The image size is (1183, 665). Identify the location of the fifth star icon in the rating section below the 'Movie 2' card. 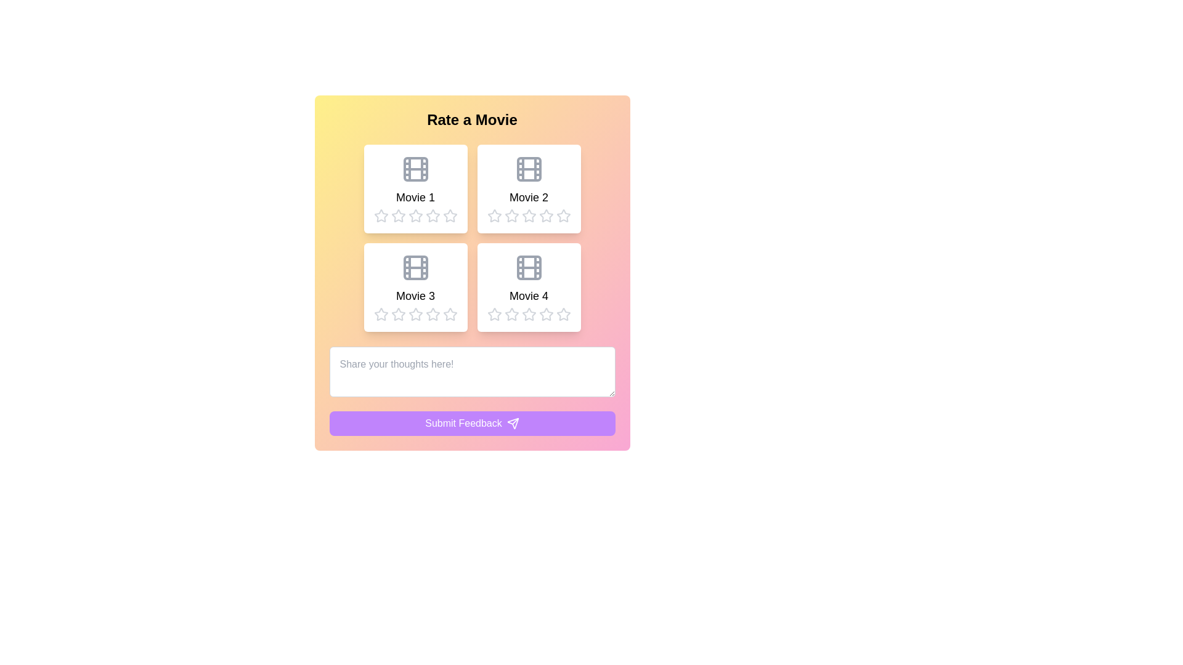
(563, 216).